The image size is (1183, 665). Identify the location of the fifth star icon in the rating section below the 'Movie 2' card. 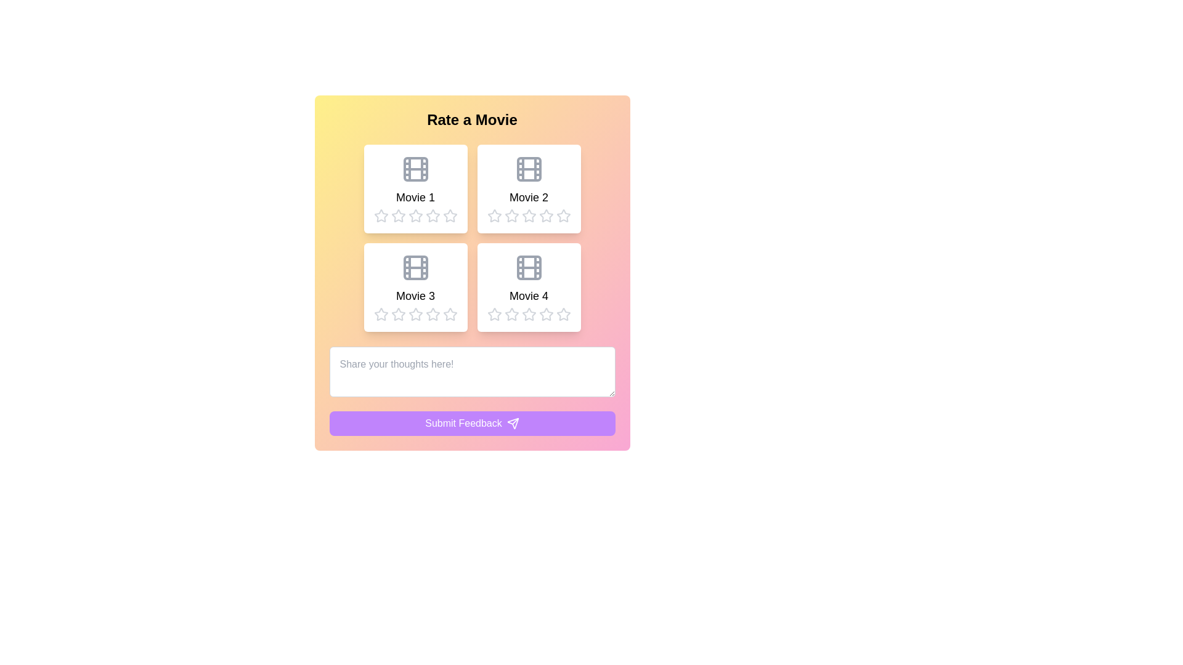
(563, 216).